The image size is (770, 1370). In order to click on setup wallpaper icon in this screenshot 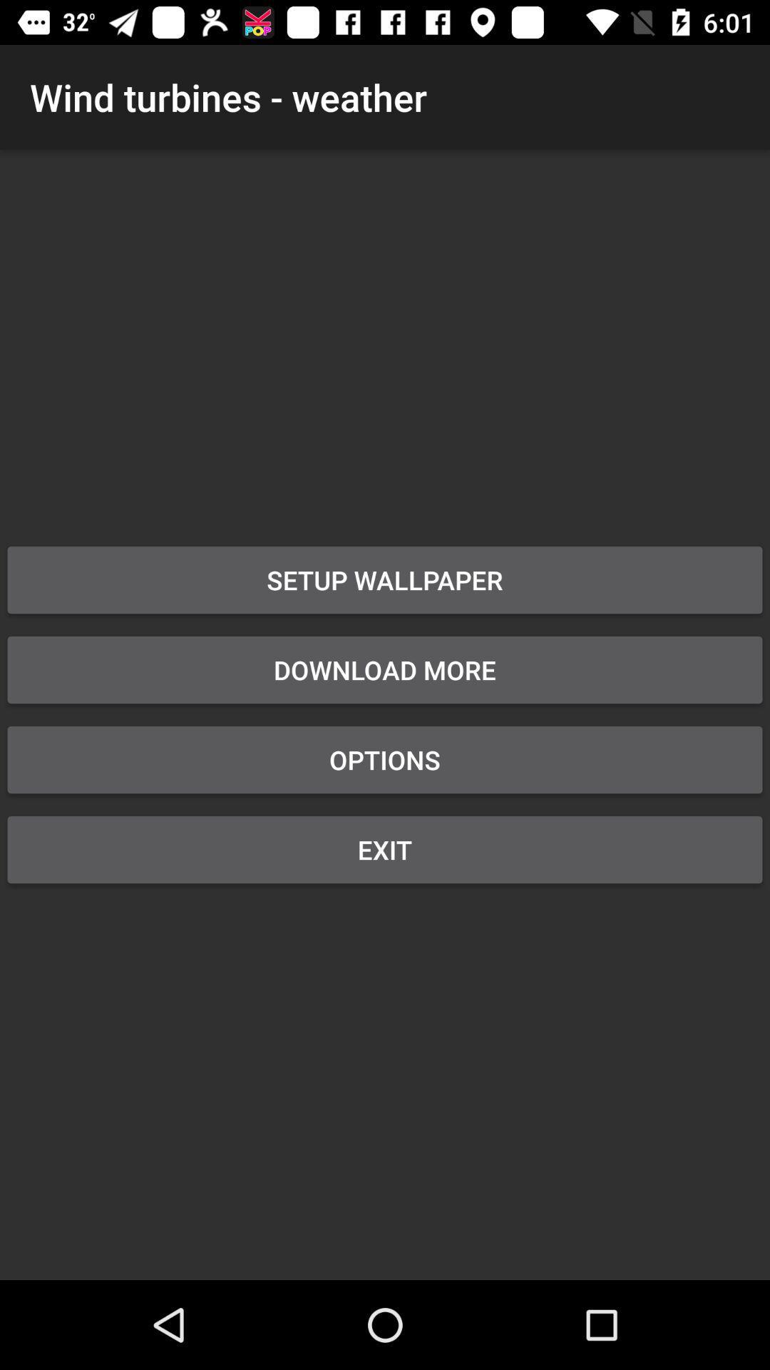, I will do `click(385, 579)`.